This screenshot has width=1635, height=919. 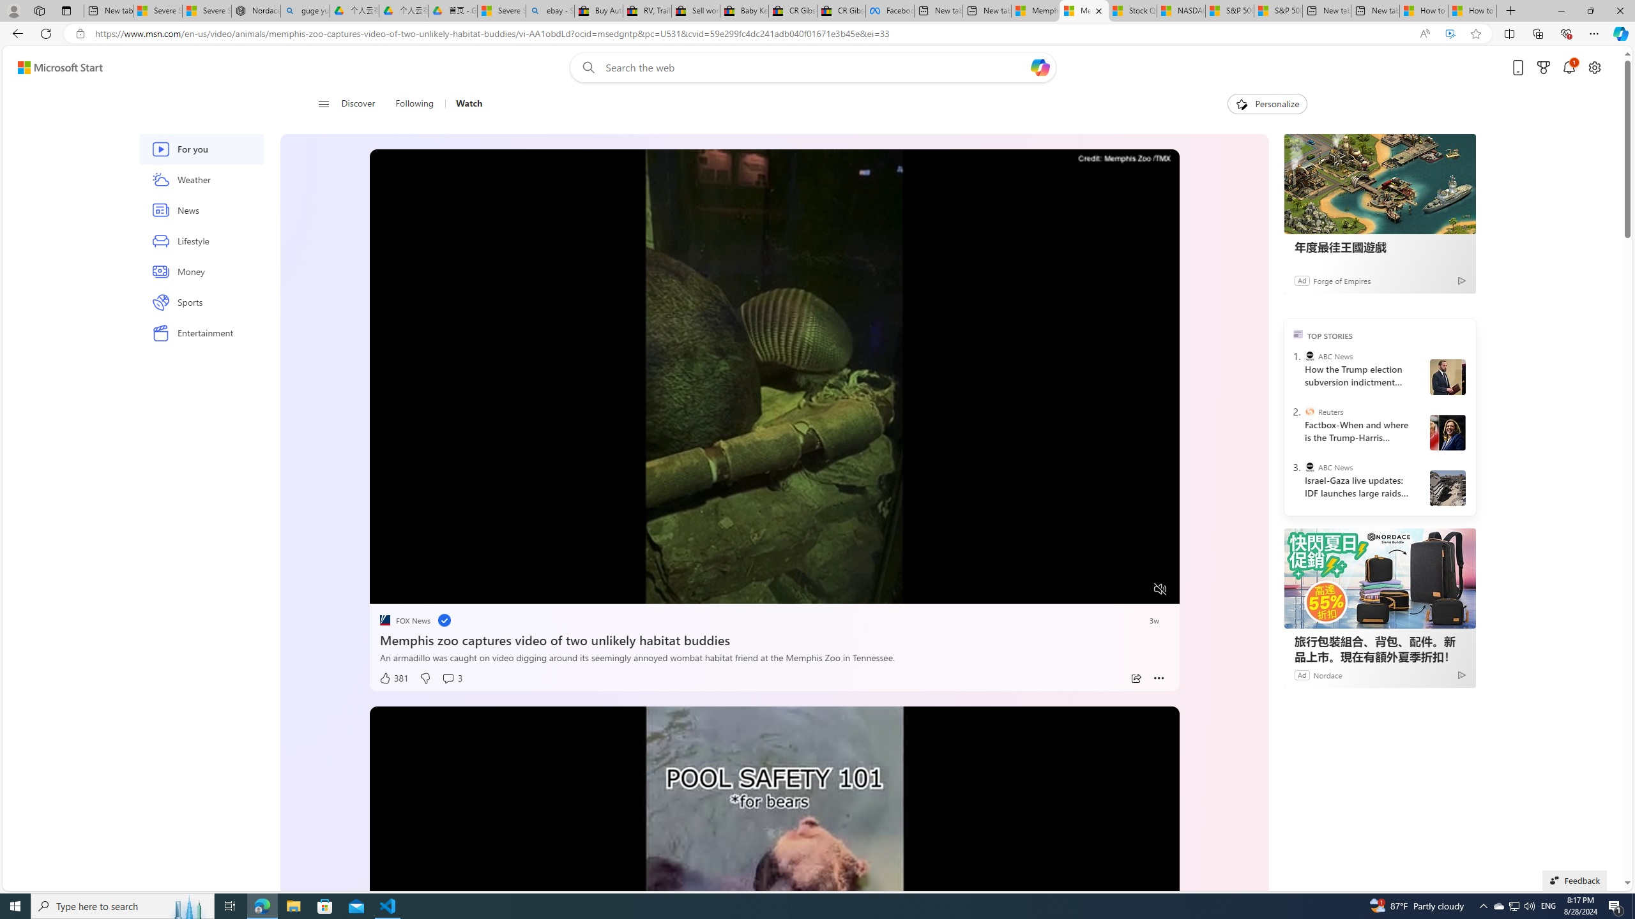 What do you see at coordinates (451, 678) in the screenshot?
I see `'View comments 3 Comment'` at bounding box center [451, 678].